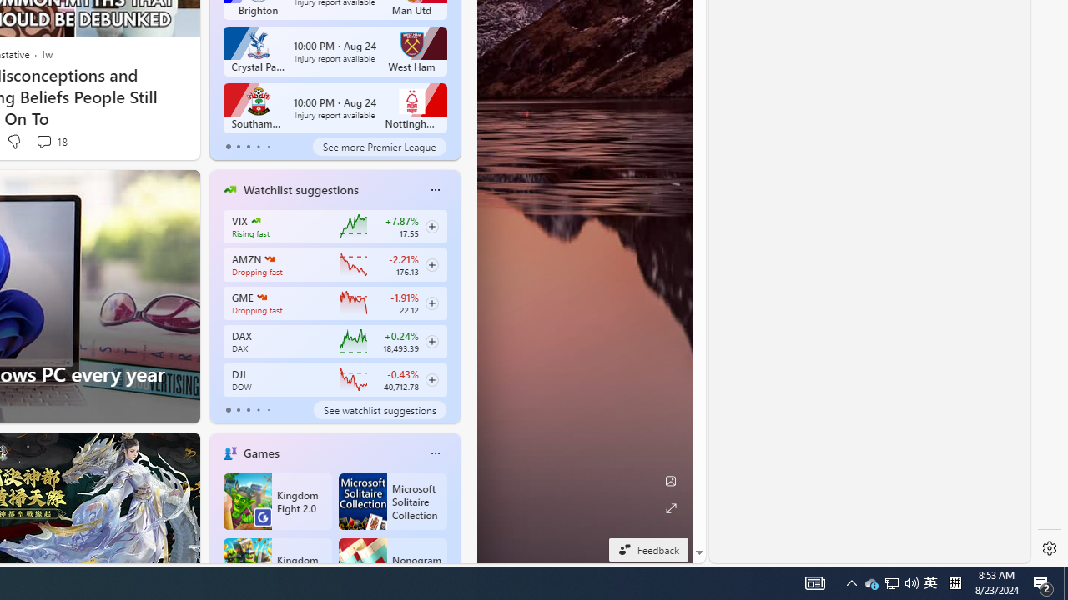  What do you see at coordinates (670, 481) in the screenshot?
I see `'Edit Background'` at bounding box center [670, 481].